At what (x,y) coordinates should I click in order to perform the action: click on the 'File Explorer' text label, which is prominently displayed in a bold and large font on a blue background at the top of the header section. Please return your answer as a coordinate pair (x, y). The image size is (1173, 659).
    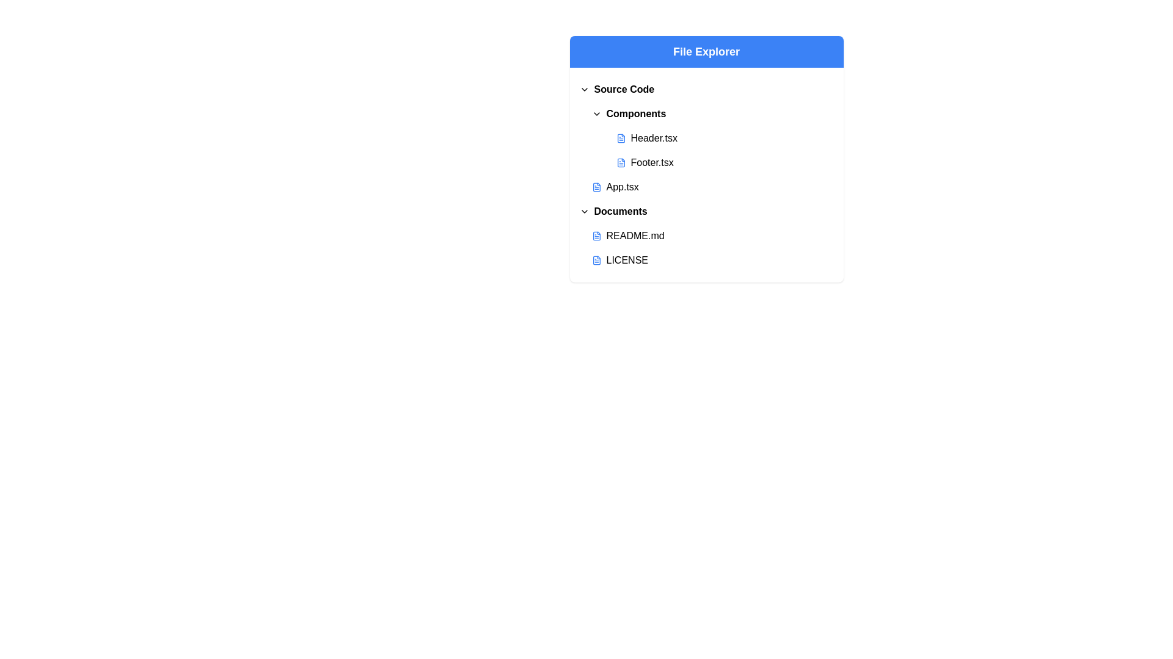
    Looking at the image, I should click on (706, 51).